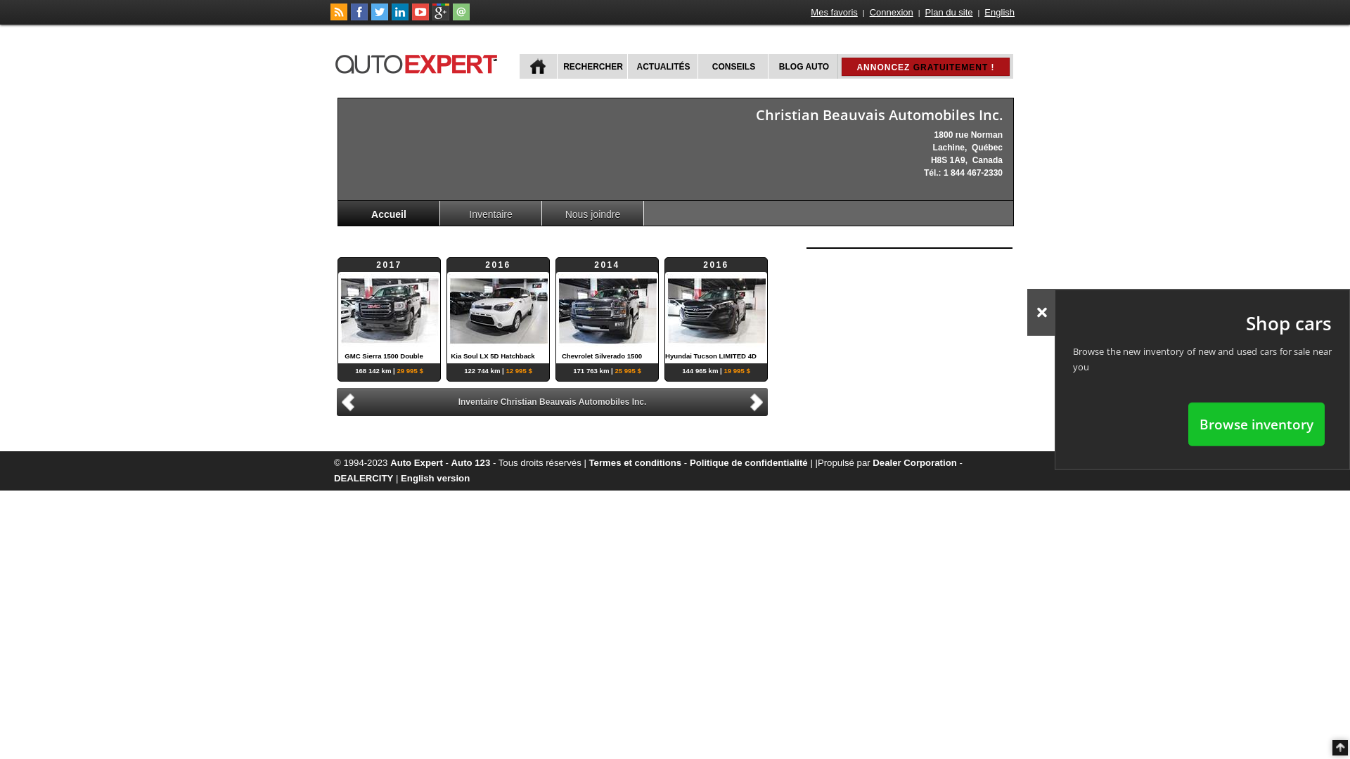  I want to click on 'Mes favoris', so click(833, 12).